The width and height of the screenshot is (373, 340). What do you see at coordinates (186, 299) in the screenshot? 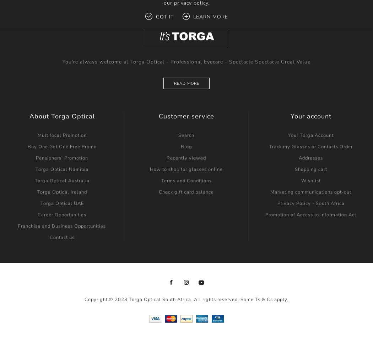
I see `'Copyright © 2023 Torga Optical South Africa. All rights reserved. Some Ts & Cs apply.'` at bounding box center [186, 299].